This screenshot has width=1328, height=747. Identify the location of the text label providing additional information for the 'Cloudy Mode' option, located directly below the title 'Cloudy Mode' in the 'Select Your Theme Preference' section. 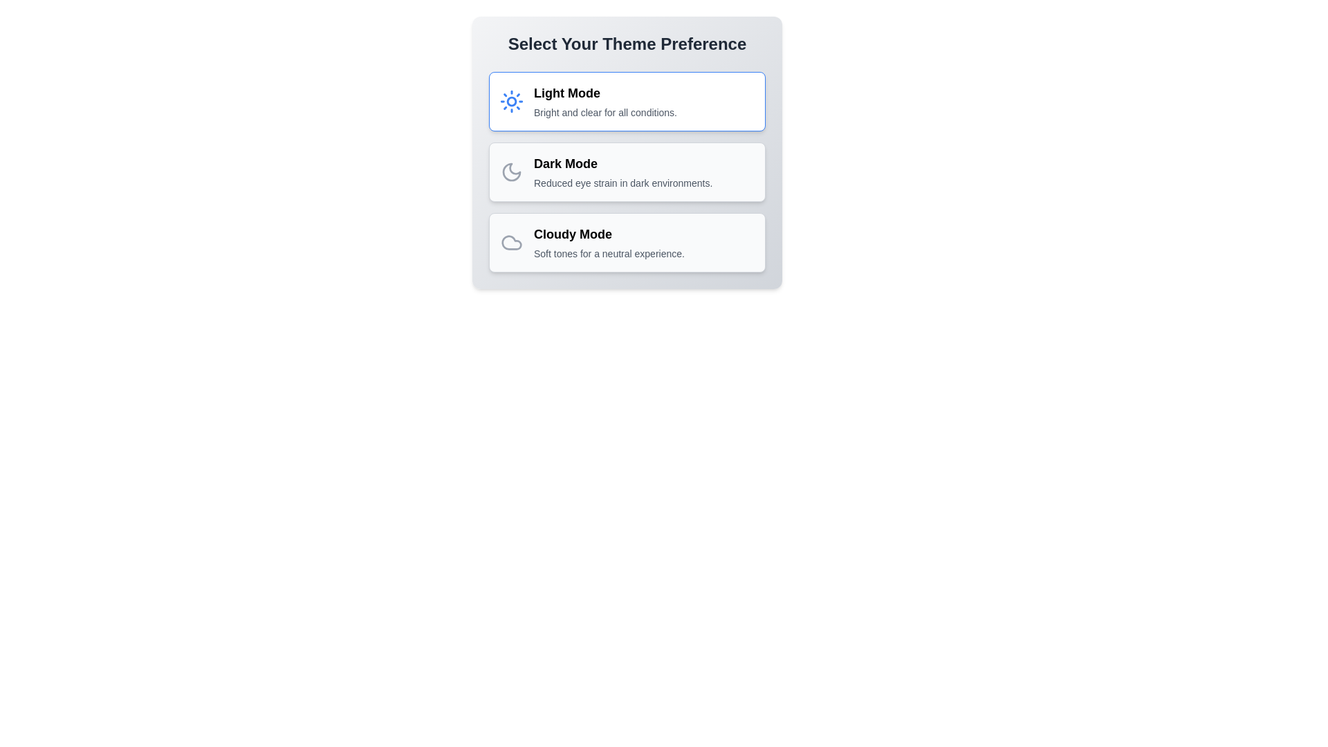
(609, 253).